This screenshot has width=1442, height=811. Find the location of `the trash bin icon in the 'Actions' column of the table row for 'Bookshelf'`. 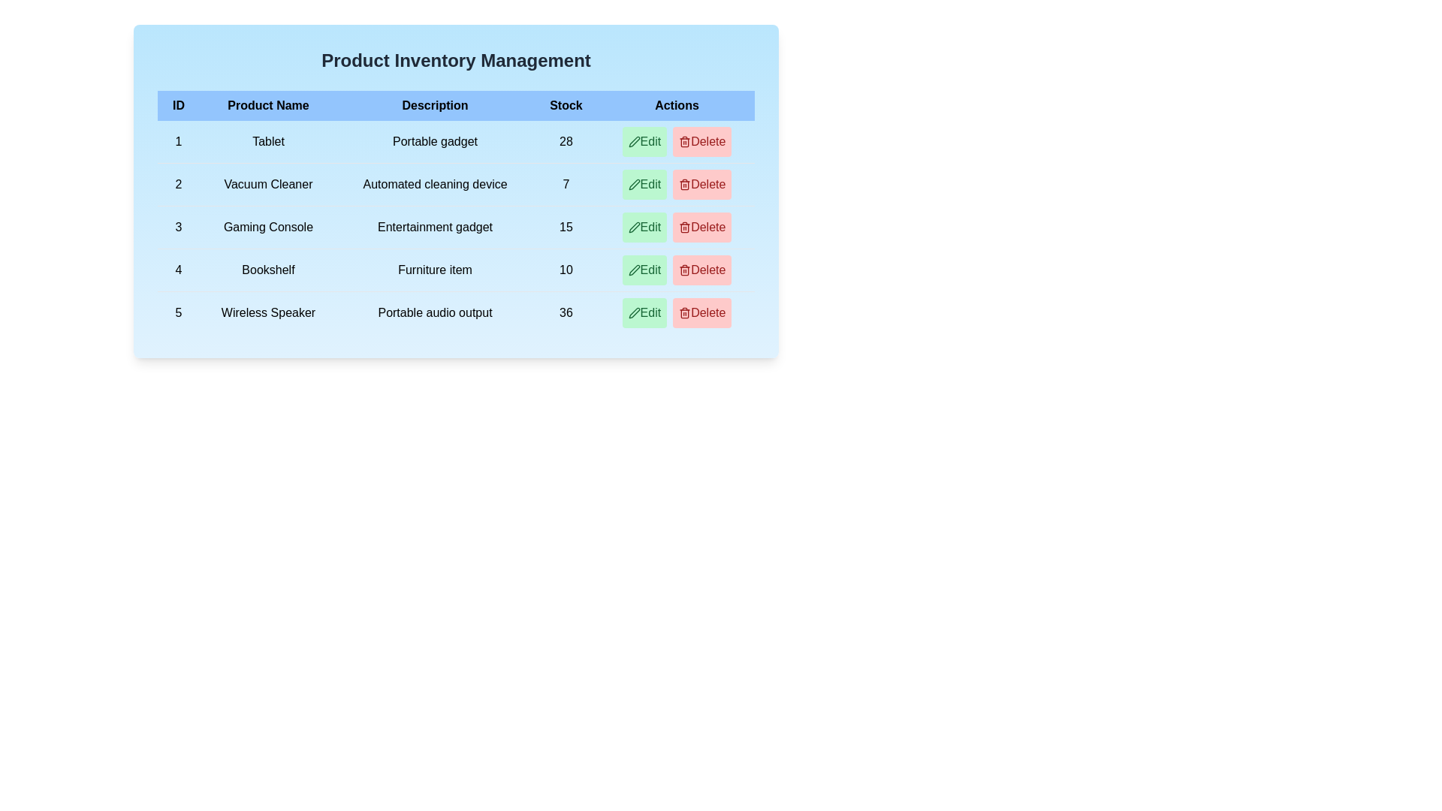

the trash bin icon in the 'Actions' column of the table row for 'Bookshelf' is located at coordinates (684, 269).